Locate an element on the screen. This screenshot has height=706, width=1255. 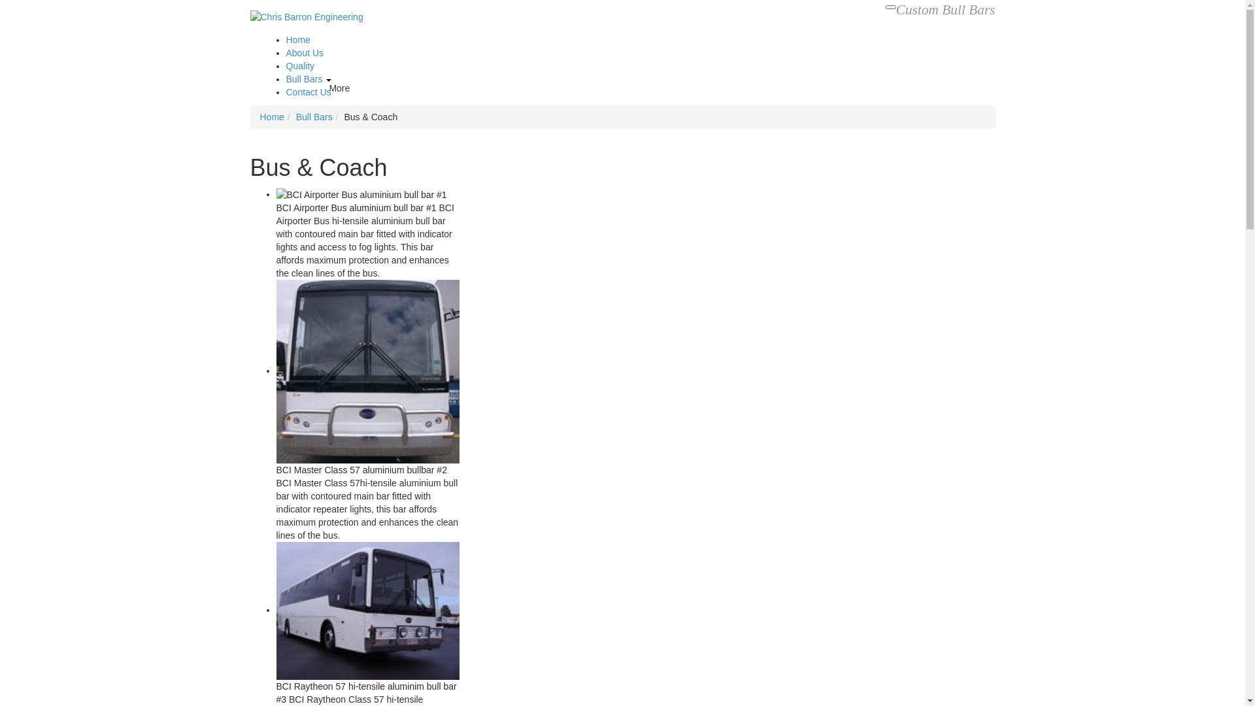
'Home' is located at coordinates (297, 39).